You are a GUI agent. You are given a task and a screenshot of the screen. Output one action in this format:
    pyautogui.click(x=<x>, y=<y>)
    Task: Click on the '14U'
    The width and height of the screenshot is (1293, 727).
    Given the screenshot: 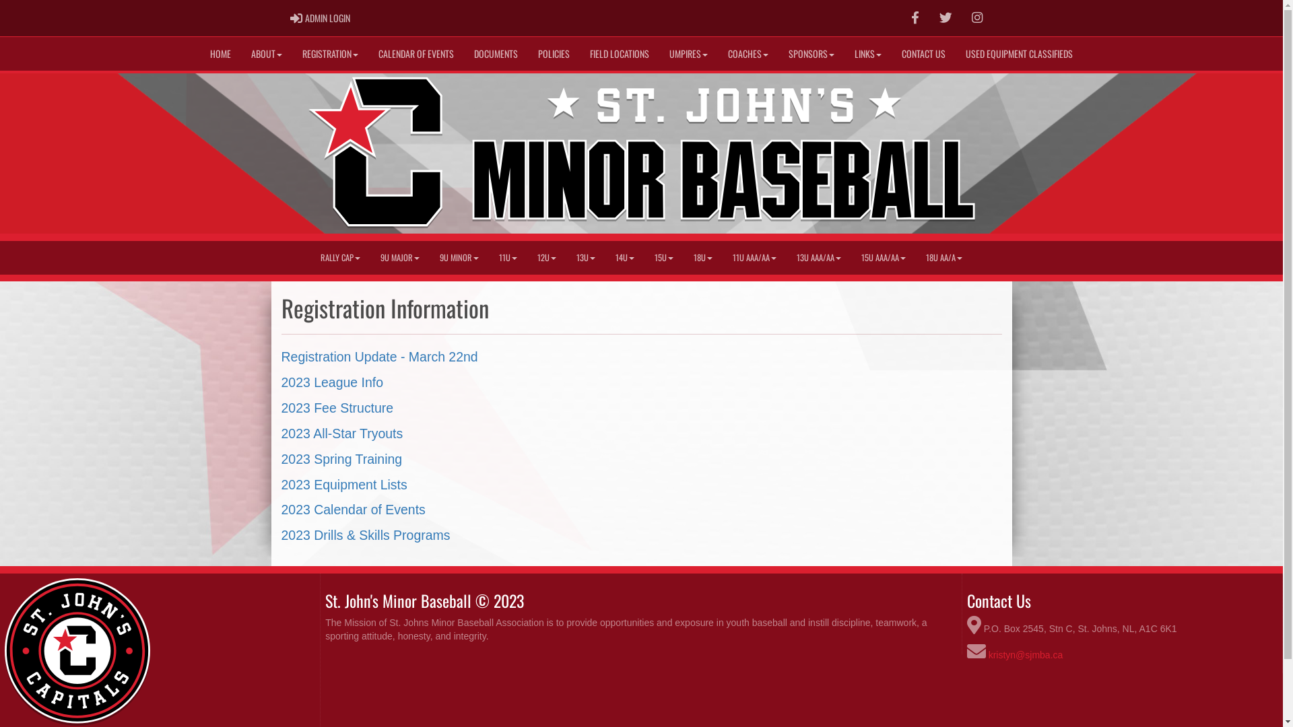 What is the action you would take?
    pyautogui.click(x=624, y=257)
    